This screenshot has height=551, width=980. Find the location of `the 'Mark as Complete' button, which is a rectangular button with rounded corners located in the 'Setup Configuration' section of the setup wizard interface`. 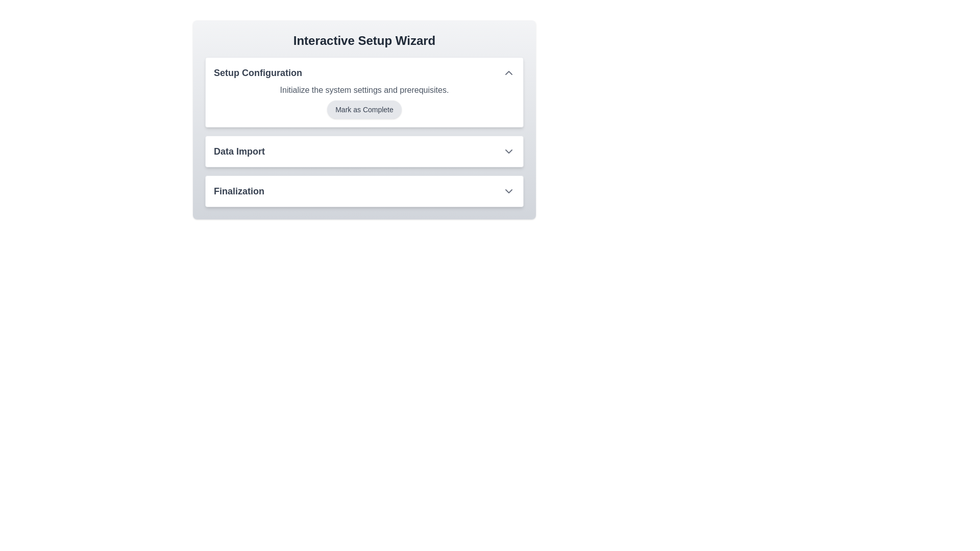

the 'Mark as Complete' button, which is a rectangular button with rounded corners located in the 'Setup Configuration' section of the setup wizard interface is located at coordinates (364, 110).